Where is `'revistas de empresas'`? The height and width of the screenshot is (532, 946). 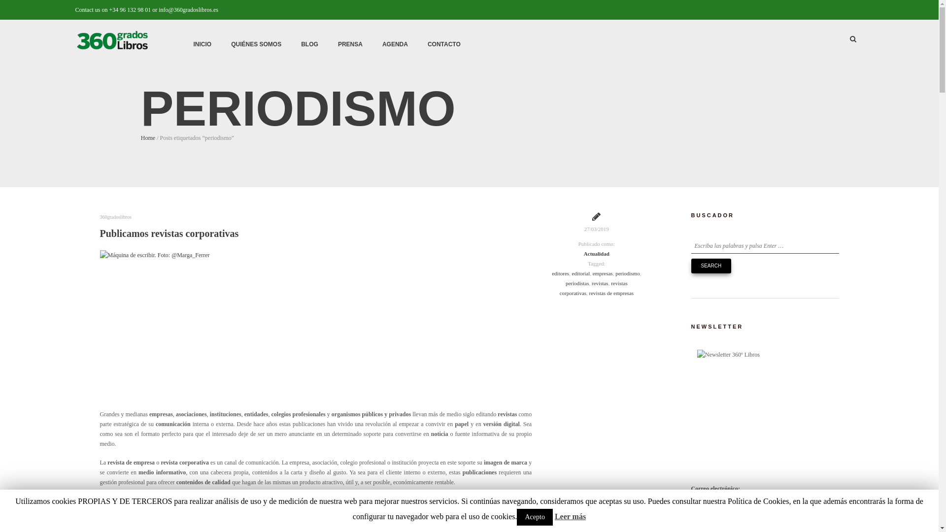
'revistas de empresas' is located at coordinates (611, 292).